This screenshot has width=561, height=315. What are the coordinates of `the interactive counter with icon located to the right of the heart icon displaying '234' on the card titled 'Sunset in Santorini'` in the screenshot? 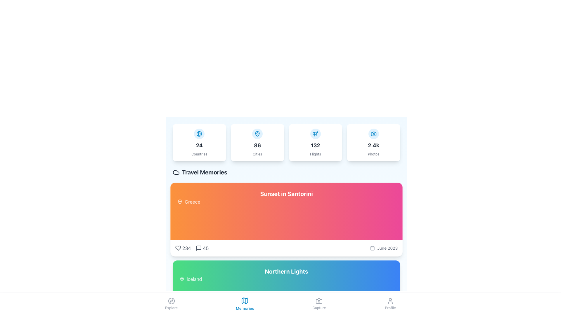 It's located at (202, 248).